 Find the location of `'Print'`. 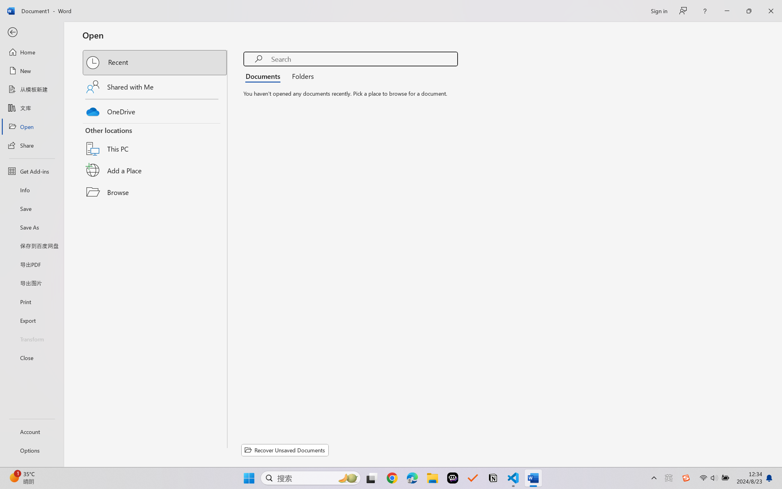

'Print' is located at coordinates (31, 302).